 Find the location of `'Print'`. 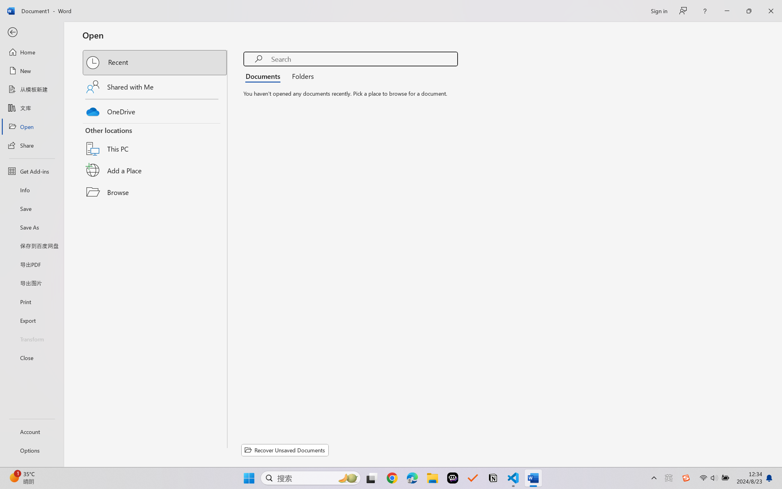

'Print' is located at coordinates (31, 302).